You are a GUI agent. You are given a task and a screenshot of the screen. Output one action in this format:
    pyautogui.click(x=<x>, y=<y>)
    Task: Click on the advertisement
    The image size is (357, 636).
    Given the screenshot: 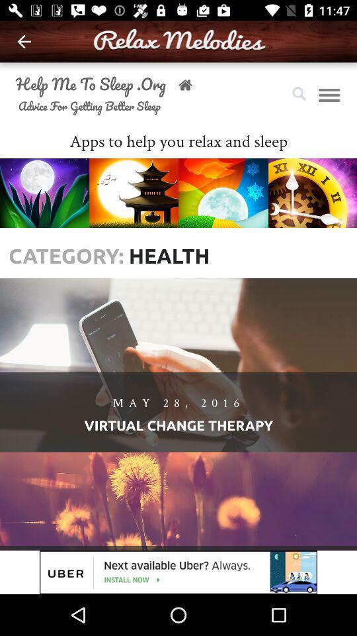 What is the action you would take?
    pyautogui.click(x=178, y=572)
    